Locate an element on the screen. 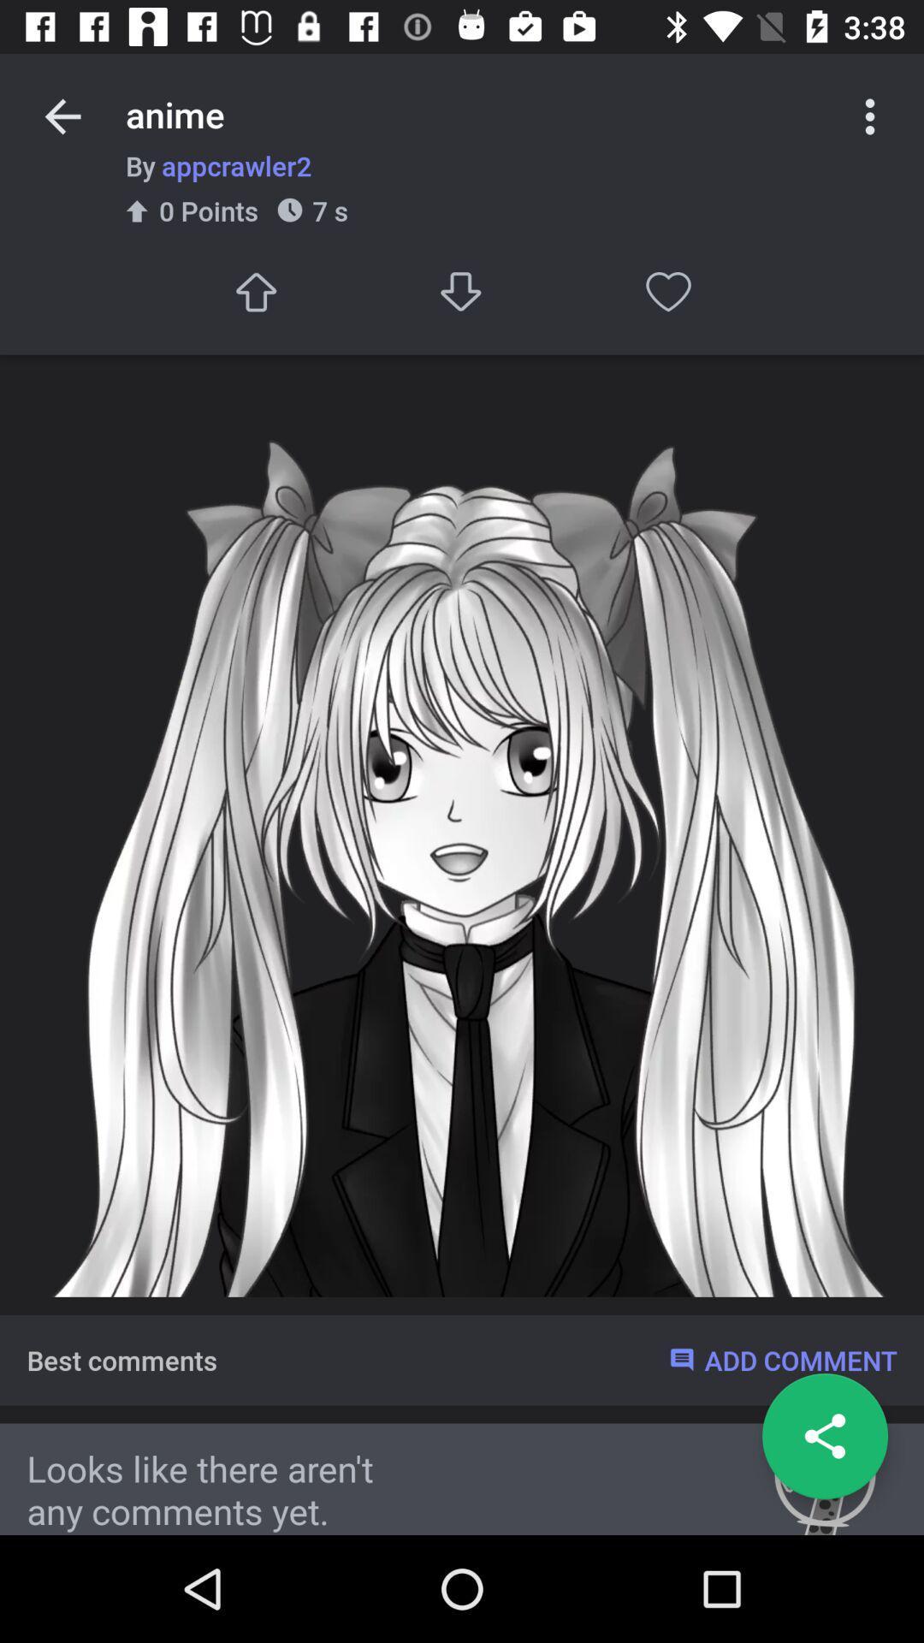 This screenshot has width=924, height=1643. the more icon is located at coordinates (870, 116).